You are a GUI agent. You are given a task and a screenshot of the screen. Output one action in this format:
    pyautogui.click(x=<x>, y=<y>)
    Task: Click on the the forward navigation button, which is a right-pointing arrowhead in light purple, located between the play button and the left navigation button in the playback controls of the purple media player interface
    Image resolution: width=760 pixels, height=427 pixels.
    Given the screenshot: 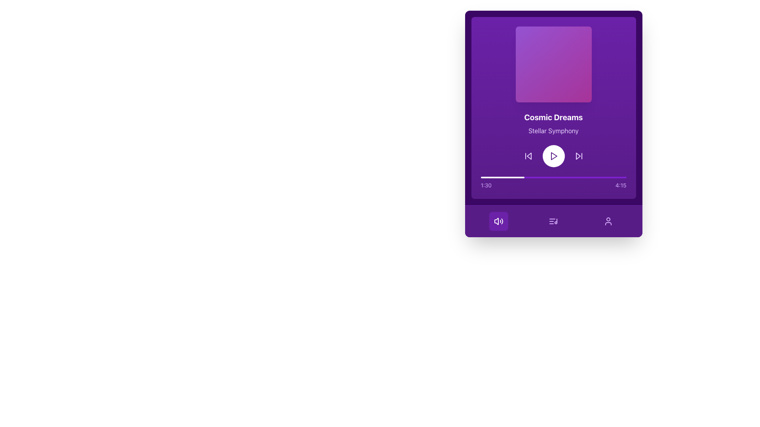 What is the action you would take?
    pyautogui.click(x=579, y=156)
    